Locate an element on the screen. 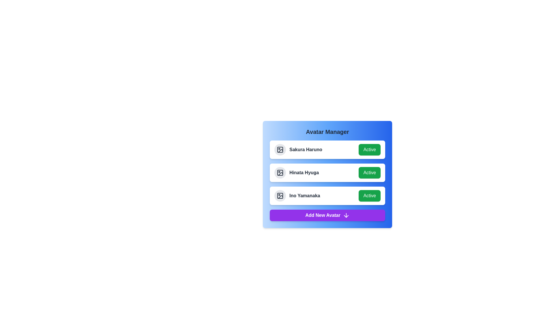 The width and height of the screenshot is (554, 311). the text label displaying 'Hinata Hyuga' in the user list, positioned between 'Sakura Haruno' and 'Ino Yamanaka' is located at coordinates (297, 172).